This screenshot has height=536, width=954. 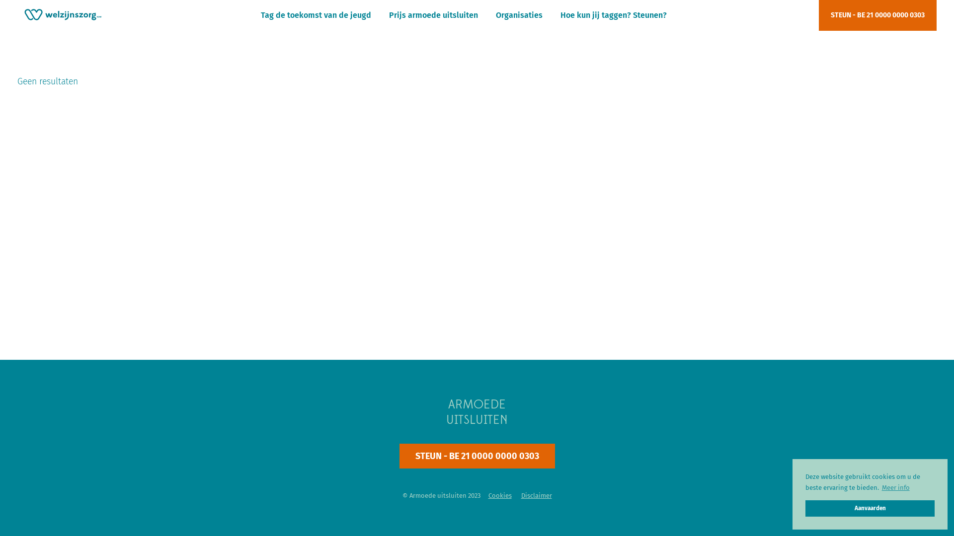 What do you see at coordinates (536, 495) in the screenshot?
I see `'Disclaimer'` at bounding box center [536, 495].